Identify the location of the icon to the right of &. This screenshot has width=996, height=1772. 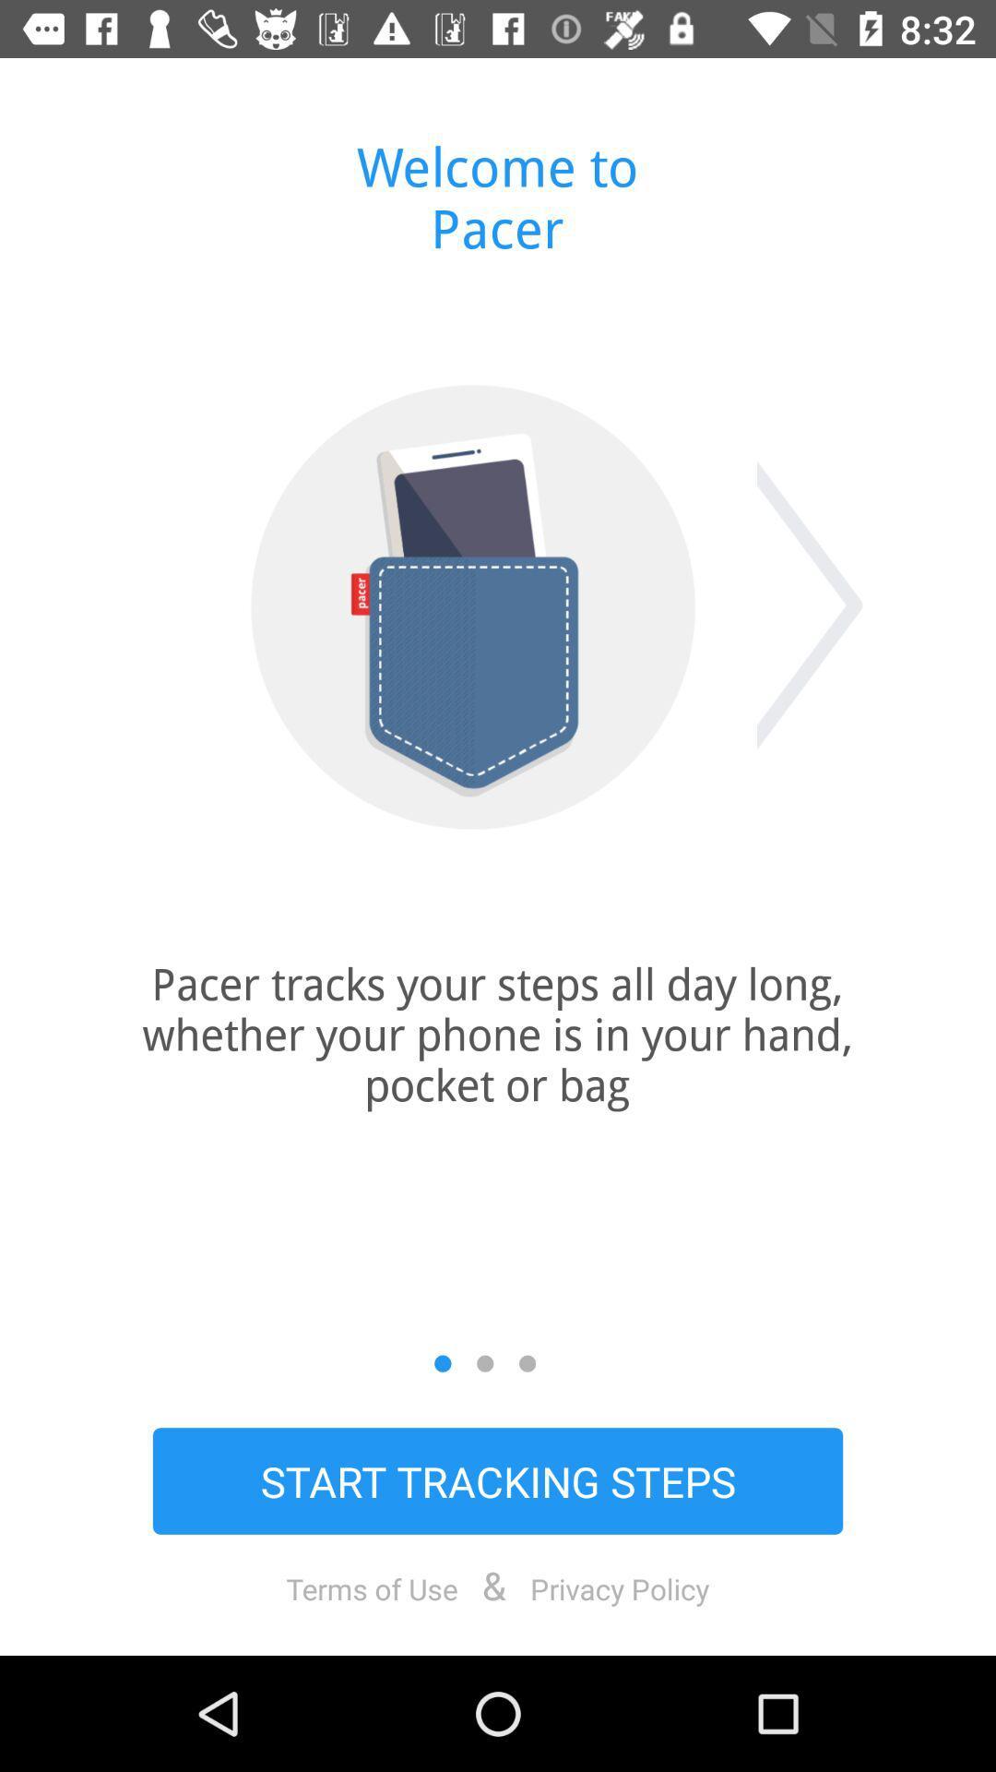
(620, 1587).